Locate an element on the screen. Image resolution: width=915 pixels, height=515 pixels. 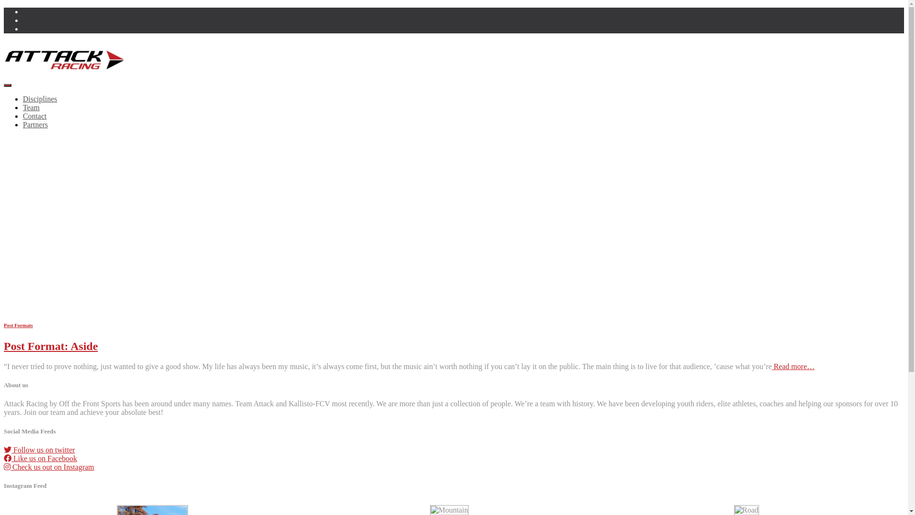
'Post Format: Aside' is located at coordinates (50, 346).